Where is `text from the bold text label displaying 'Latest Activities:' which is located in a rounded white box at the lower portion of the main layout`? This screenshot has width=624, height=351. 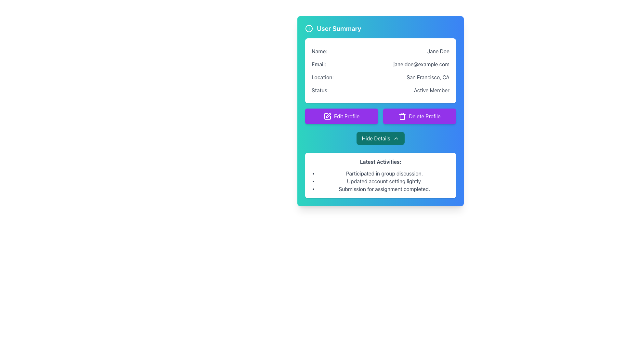 text from the bold text label displaying 'Latest Activities:' which is located in a rounded white box at the lower portion of the main layout is located at coordinates (381, 161).